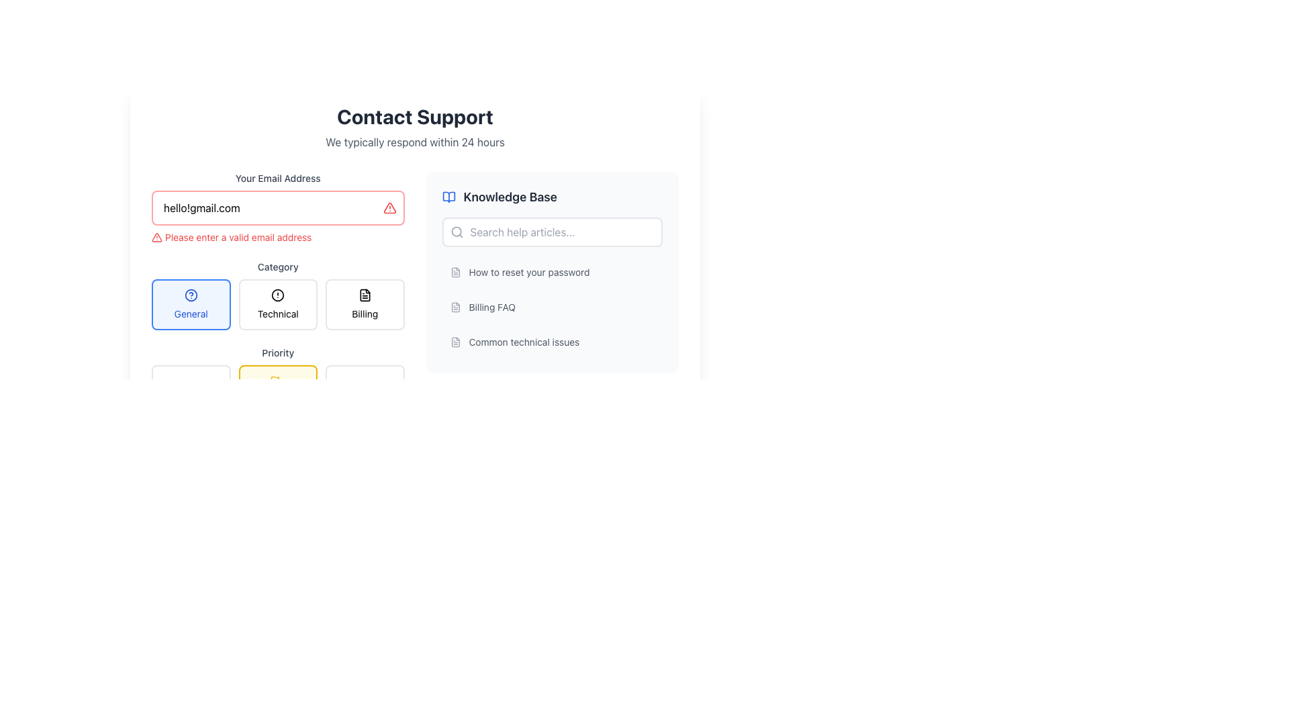  What do you see at coordinates (277, 378) in the screenshot?
I see `the 'Medium' button, which is a rectangular button with a yellow background and border, featuring a small flag icon on its left side` at bounding box center [277, 378].